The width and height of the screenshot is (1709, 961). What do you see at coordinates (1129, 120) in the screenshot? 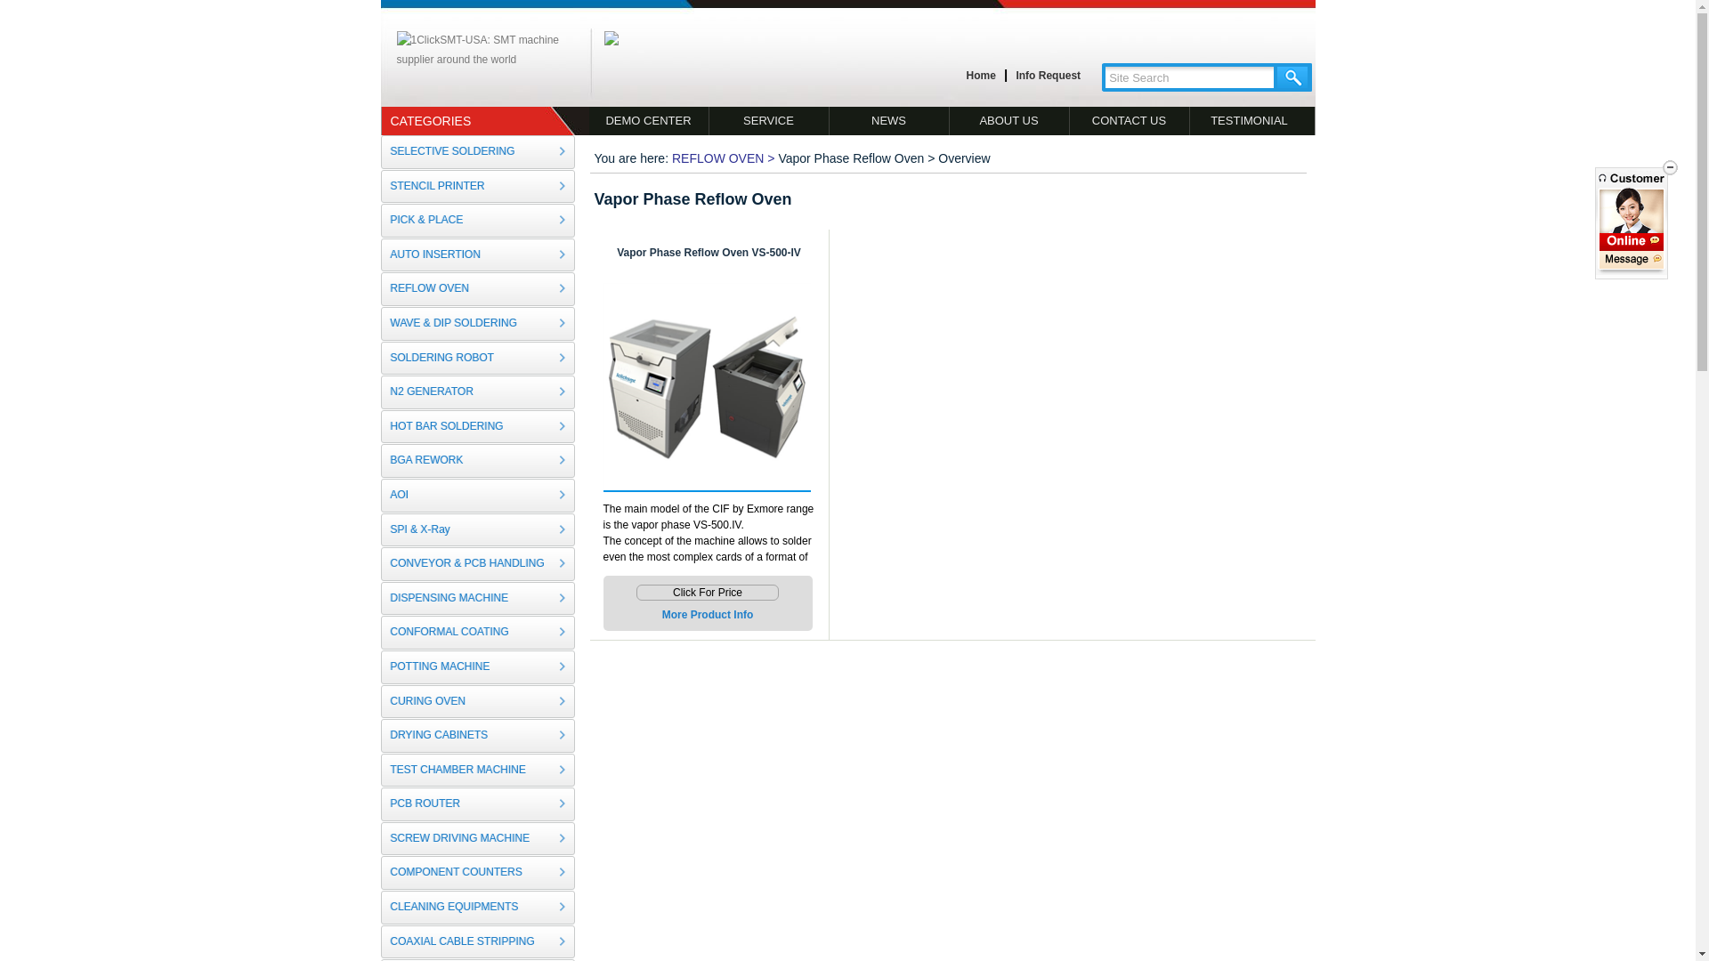
I see `'CONTACT US'` at bounding box center [1129, 120].